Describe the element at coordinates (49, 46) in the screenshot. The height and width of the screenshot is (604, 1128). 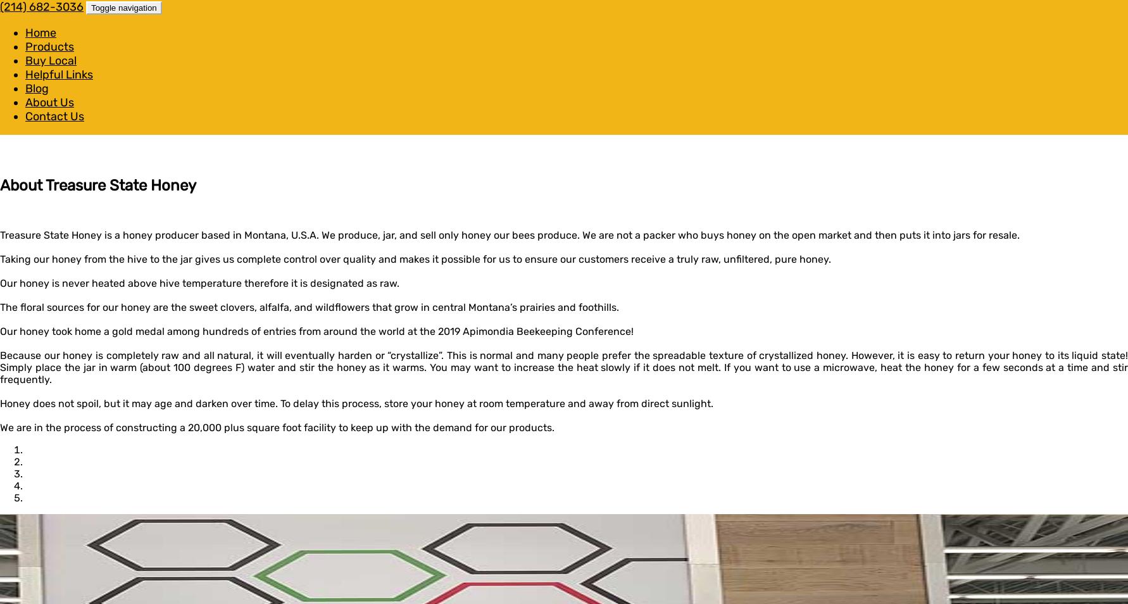
I see `'Products'` at that location.